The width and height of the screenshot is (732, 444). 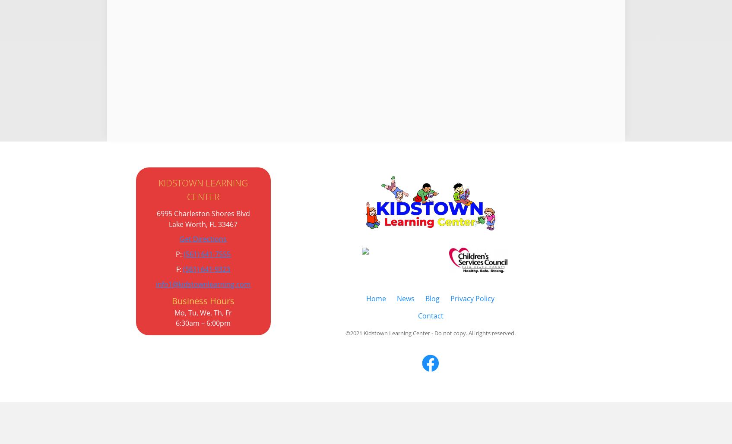 What do you see at coordinates (203, 312) in the screenshot?
I see `'Mo, Tu, We, Th, Fr'` at bounding box center [203, 312].